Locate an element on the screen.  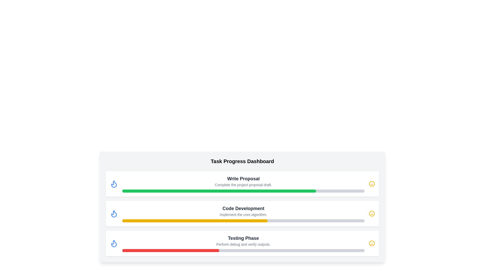
the progress bar indicating the completion percentage of the 'Testing Phase' task is located at coordinates (243, 250).